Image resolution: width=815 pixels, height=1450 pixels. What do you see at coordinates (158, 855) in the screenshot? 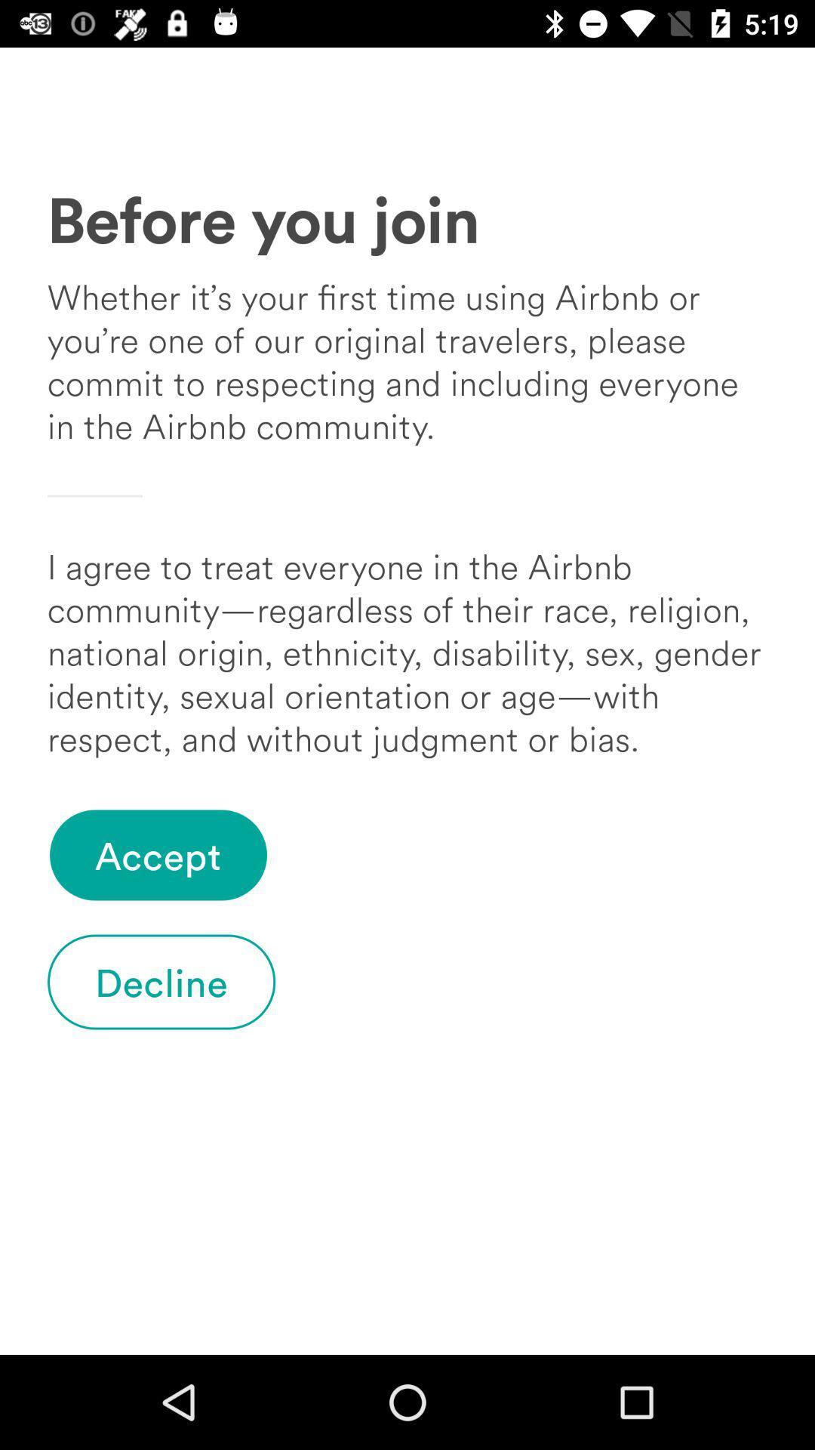
I see `accept item` at bounding box center [158, 855].